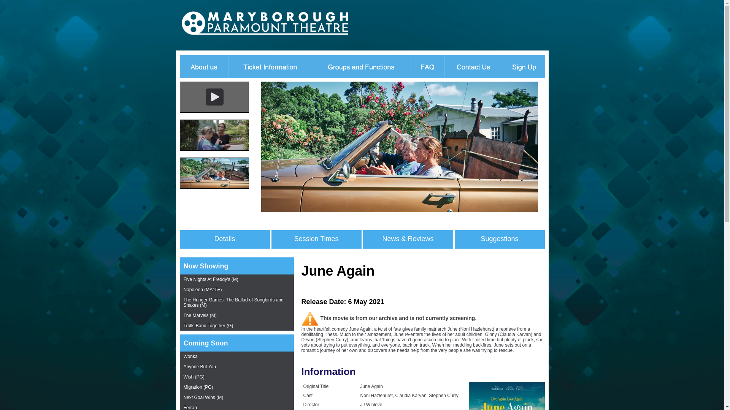 Image resolution: width=730 pixels, height=410 pixels. What do you see at coordinates (261, 211) in the screenshot?
I see `'Photo: June Again'` at bounding box center [261, 211].